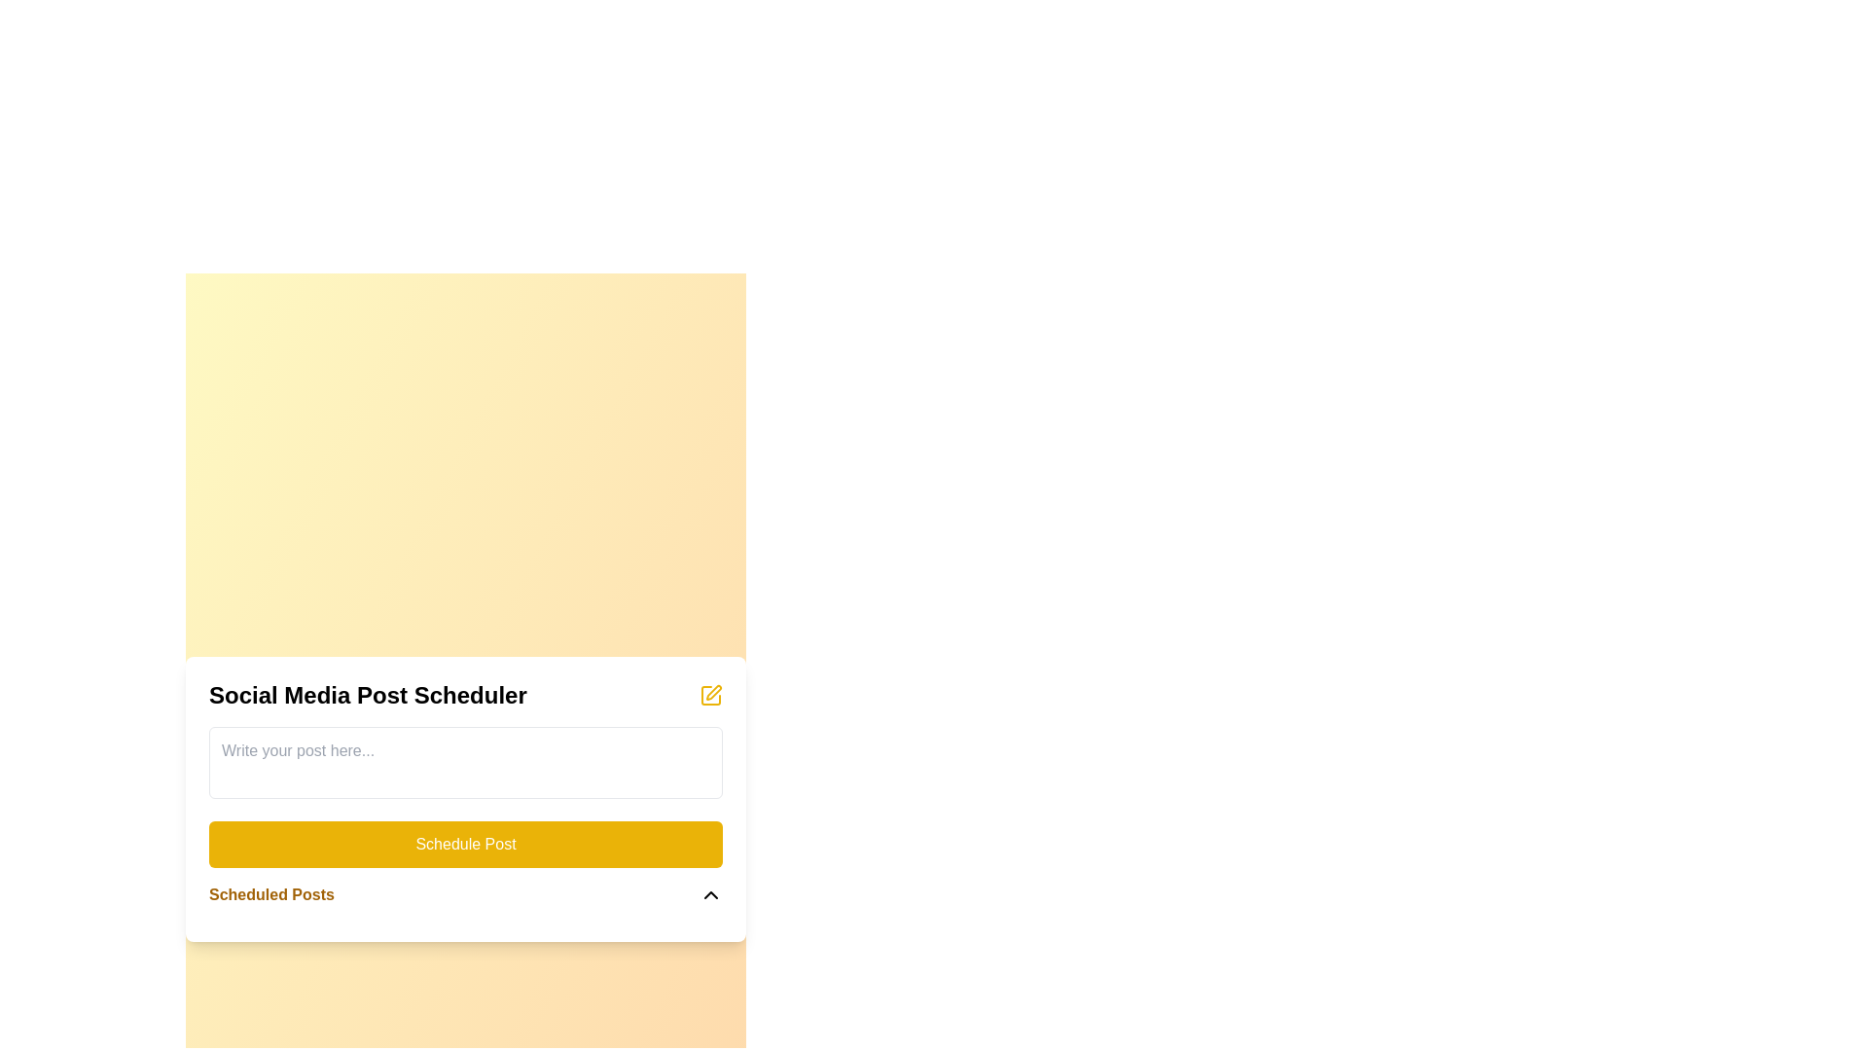 This screenshot has height=1051, width=1868. What do you see at coordinates (270, 894) in the screenshot?
I see `the 'Scheduled Posts' text label, which is a bold text in yellow-brownish color located at the bottom of a white card-like UI section` at bounding box center [270, 894].